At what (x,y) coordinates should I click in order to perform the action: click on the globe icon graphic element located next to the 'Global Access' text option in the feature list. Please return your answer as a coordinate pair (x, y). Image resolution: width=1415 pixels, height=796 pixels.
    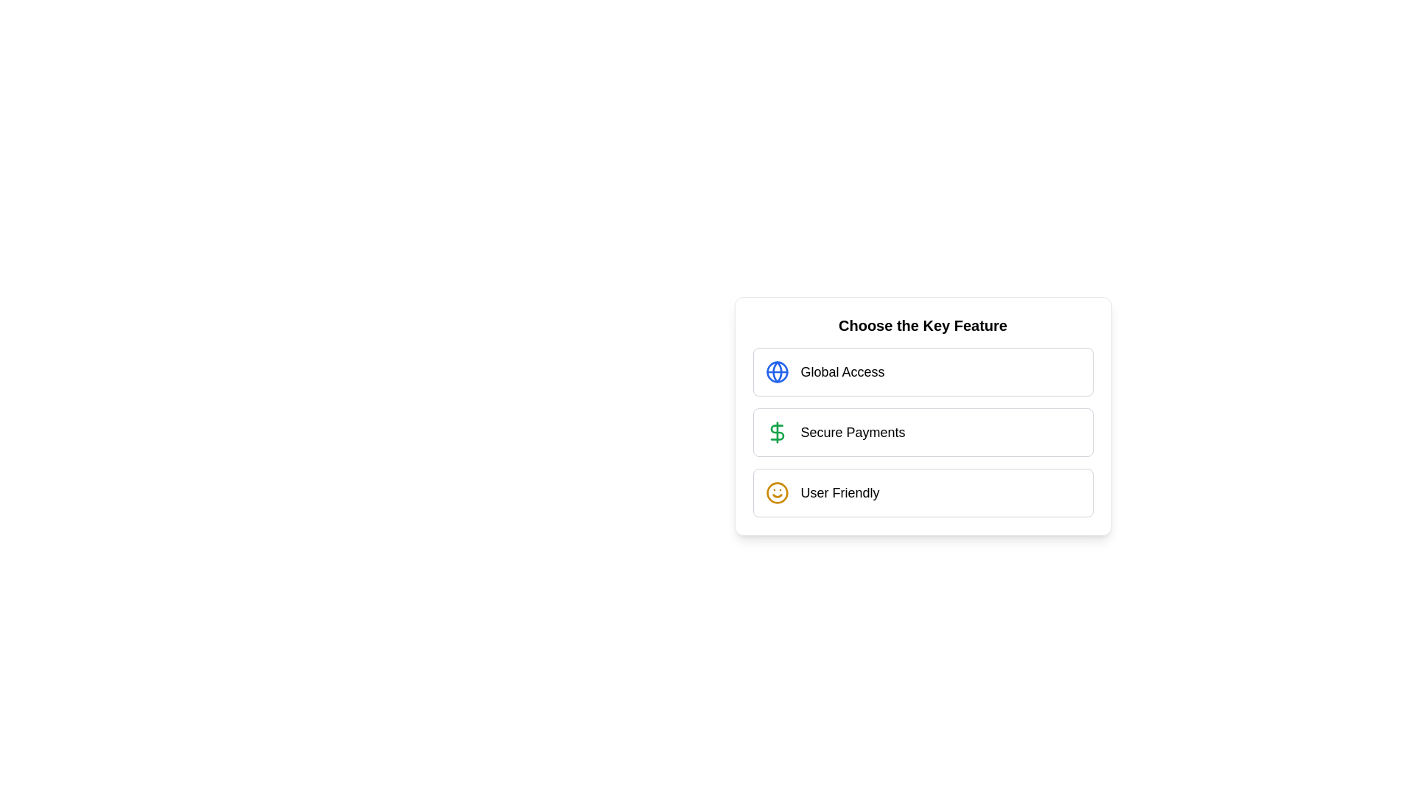
    Looking at the image, I should click on (776, 371).